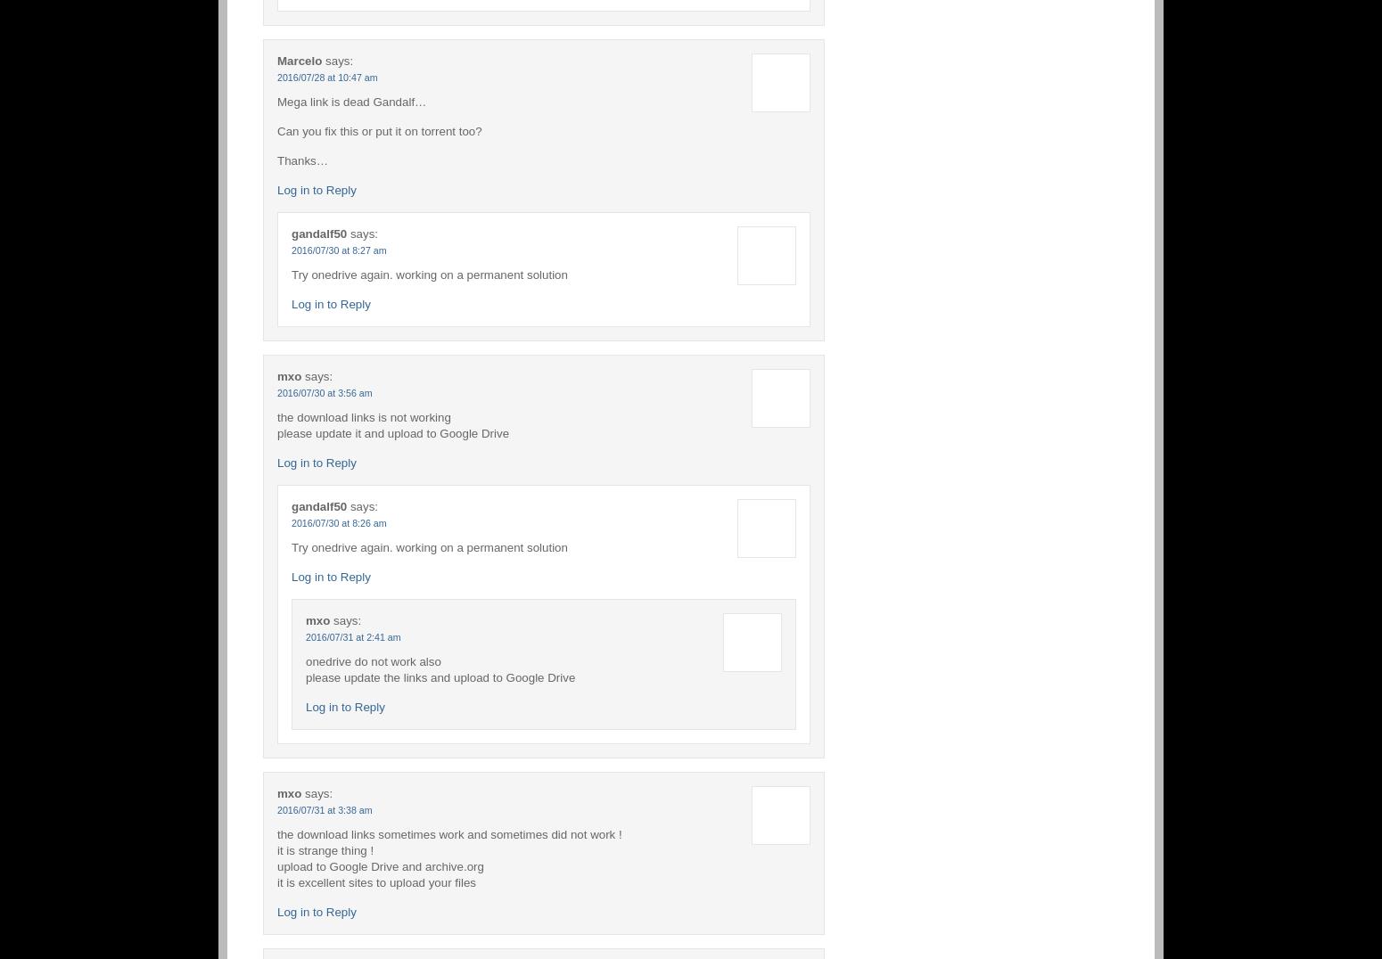  What do you see at coordinates (323, 391) in the screenshot?
I see `'2016/07/30 at 3:56 am'` at bounding box center [323, 391].